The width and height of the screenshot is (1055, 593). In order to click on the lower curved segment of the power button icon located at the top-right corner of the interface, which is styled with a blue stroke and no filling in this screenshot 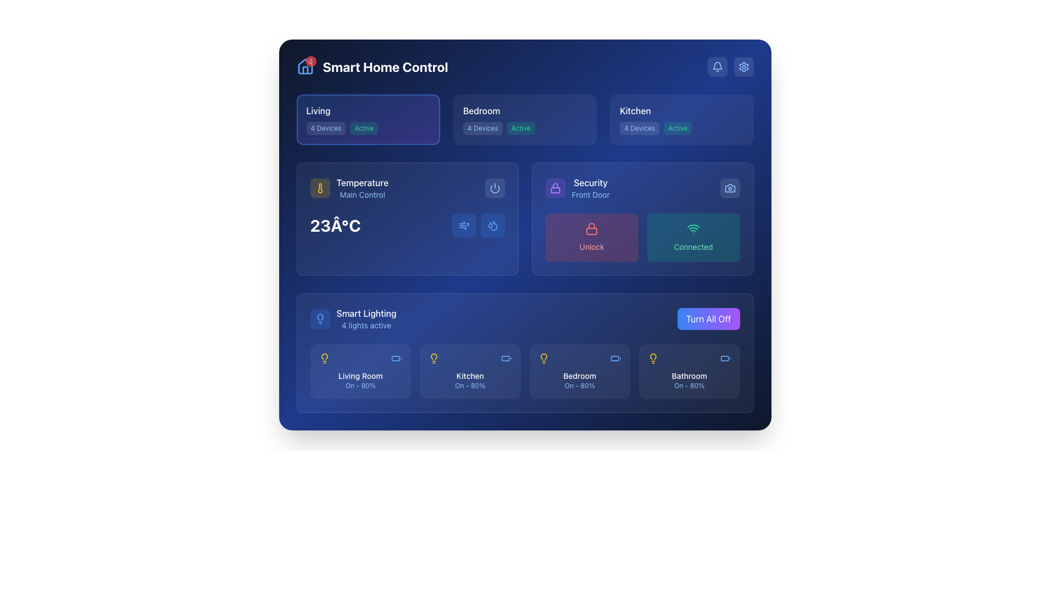, I will do `click(494, 188)`.